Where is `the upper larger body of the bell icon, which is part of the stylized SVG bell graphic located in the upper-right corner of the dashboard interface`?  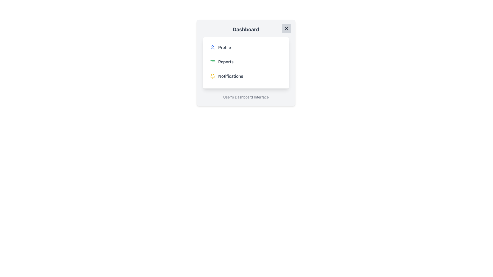
the upper larger body of the bell icon, which is part of the stylized SVG bell graphic located in the upper-right corner of the dashboard interface is located at coordinates (213, 75).